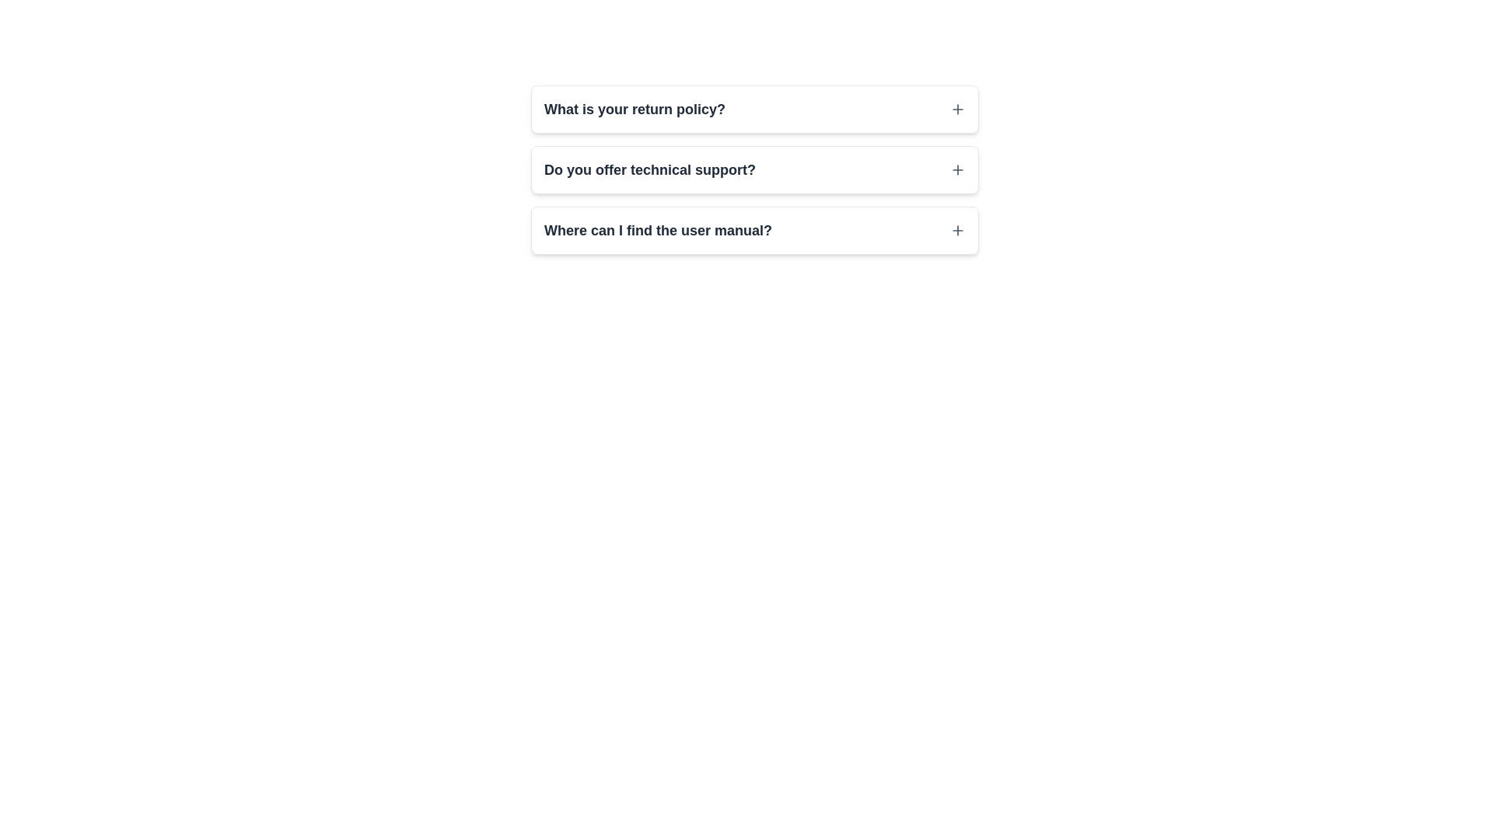  What do you see at coordinates (957, 231) in the screenshot?
I see `the gray plus icon button located to the far right of the list item labeled 'Where can I find the user manual?'` at bounding box center [957, 231].